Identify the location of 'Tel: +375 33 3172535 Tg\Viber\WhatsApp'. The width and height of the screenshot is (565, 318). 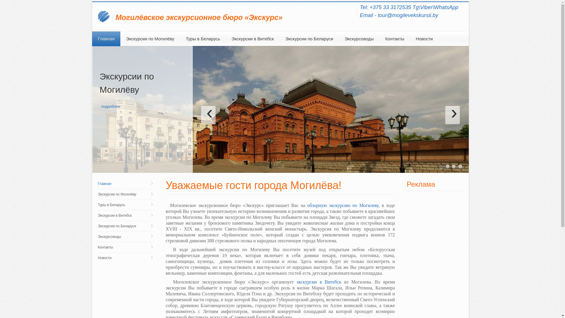
(409, 7).